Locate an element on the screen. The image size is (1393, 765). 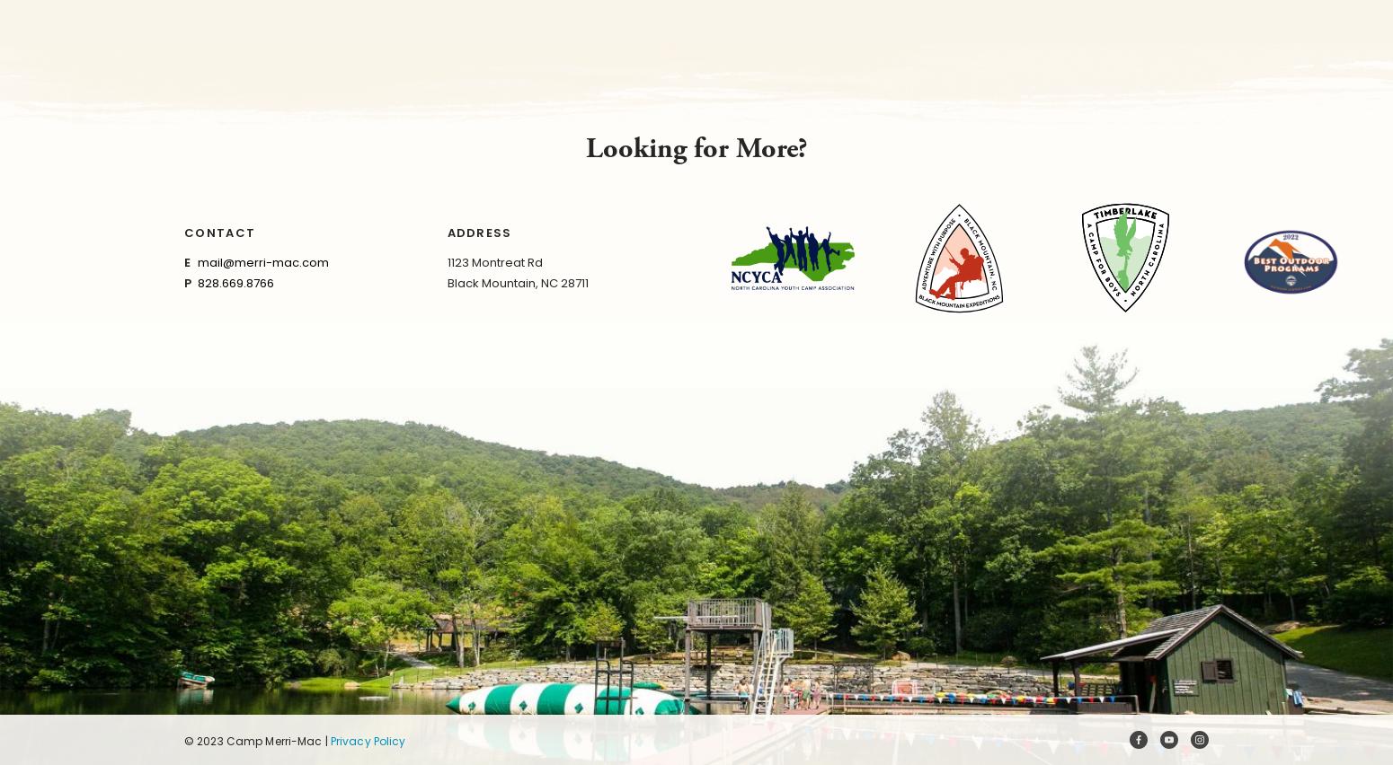
'Looking for More?' is located at coordinates (696, 147).